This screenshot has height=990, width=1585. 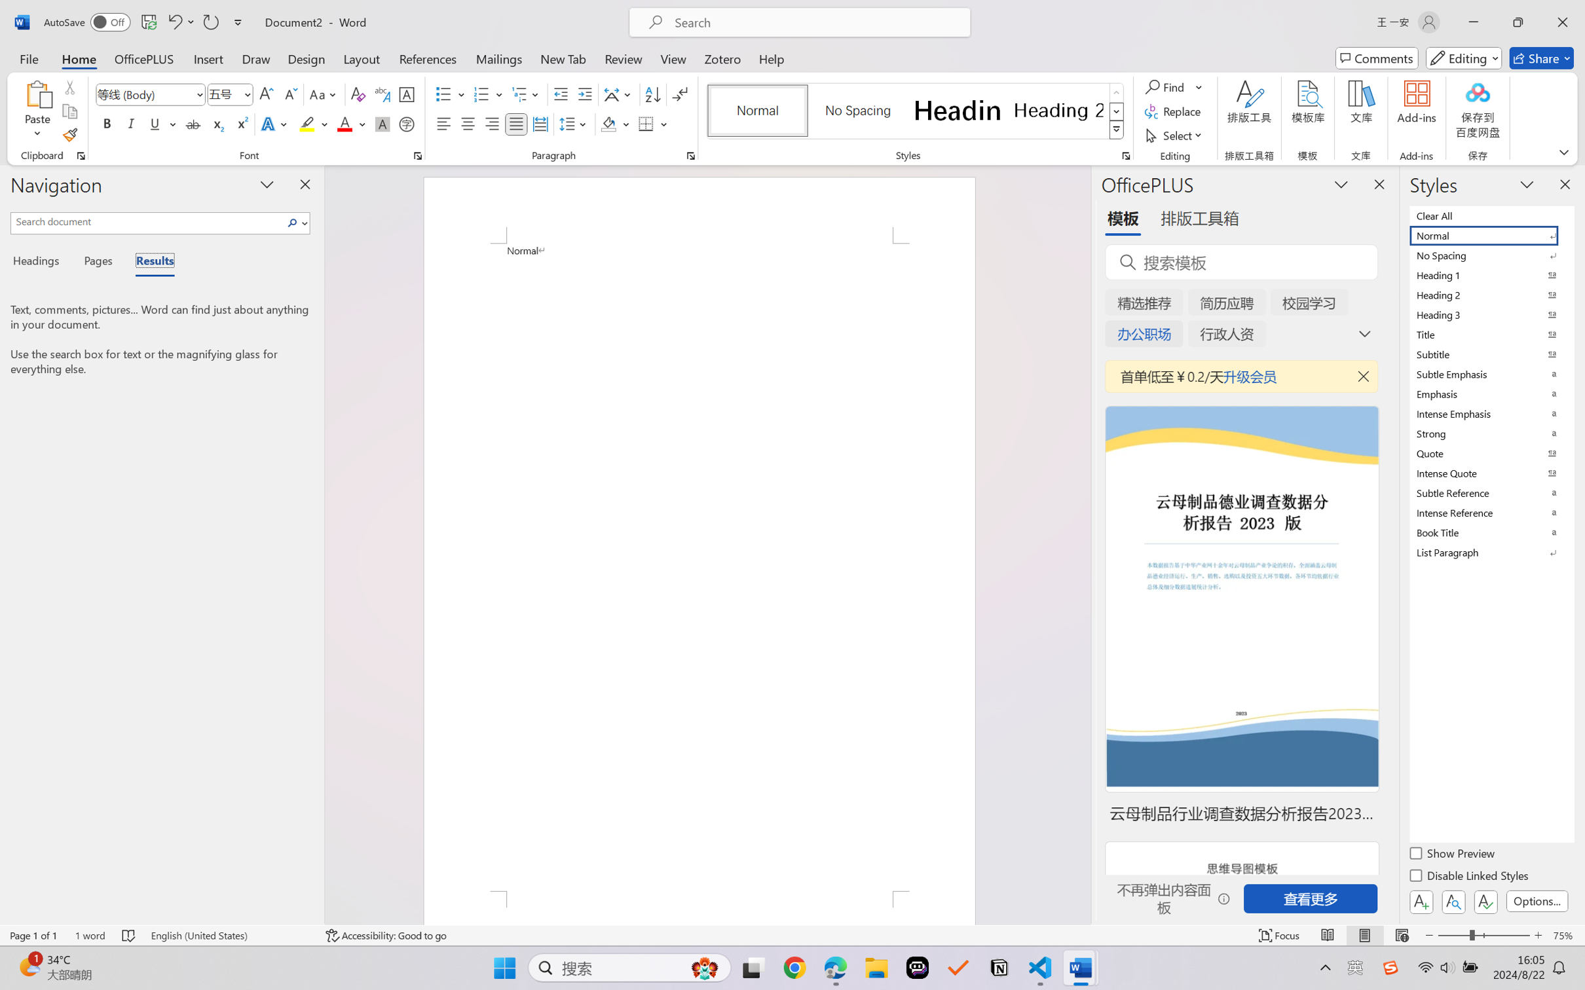 What do you see at coordinates (443, 123) in the screenshot?
I see `'Align Left'` at bounding box center [443, 123].